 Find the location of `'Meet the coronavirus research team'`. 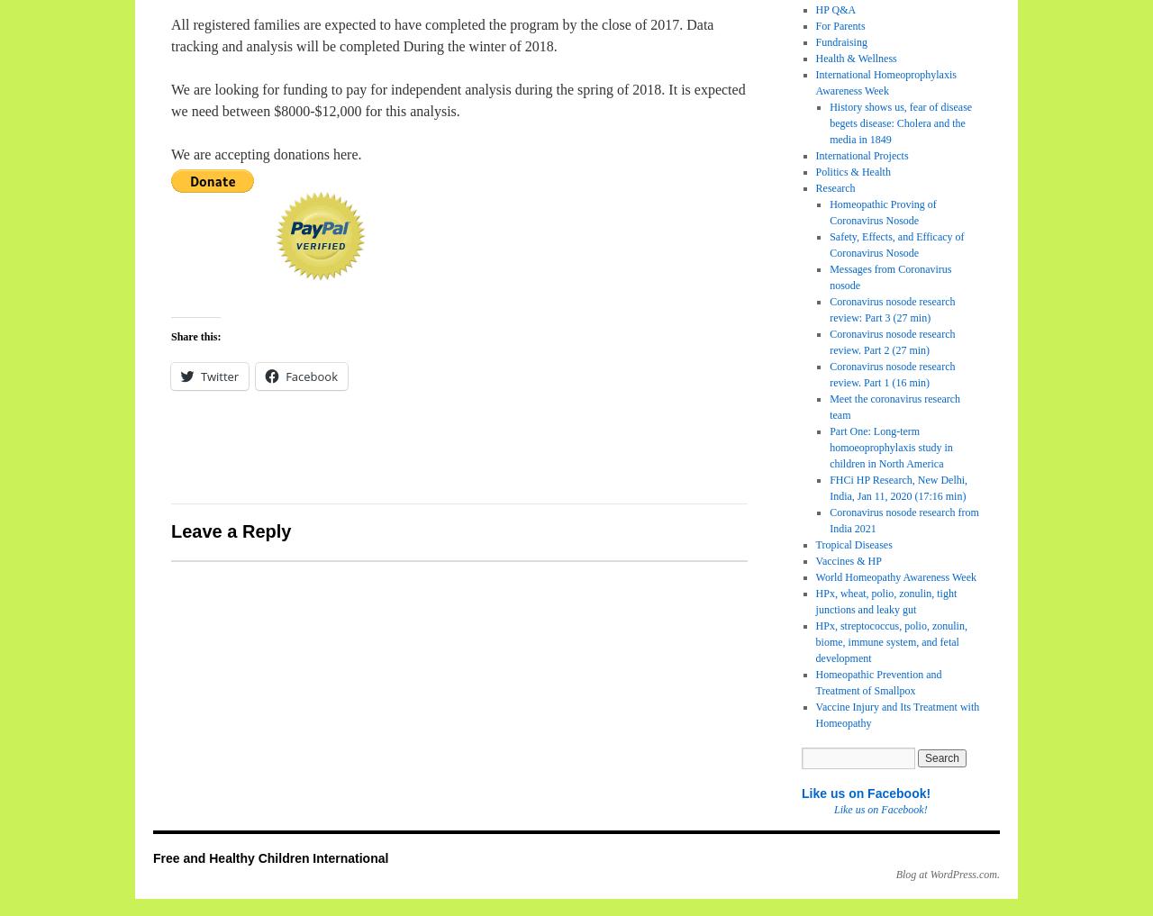

'Meet the coronavirus research team' is located at coordinates (894, 406).